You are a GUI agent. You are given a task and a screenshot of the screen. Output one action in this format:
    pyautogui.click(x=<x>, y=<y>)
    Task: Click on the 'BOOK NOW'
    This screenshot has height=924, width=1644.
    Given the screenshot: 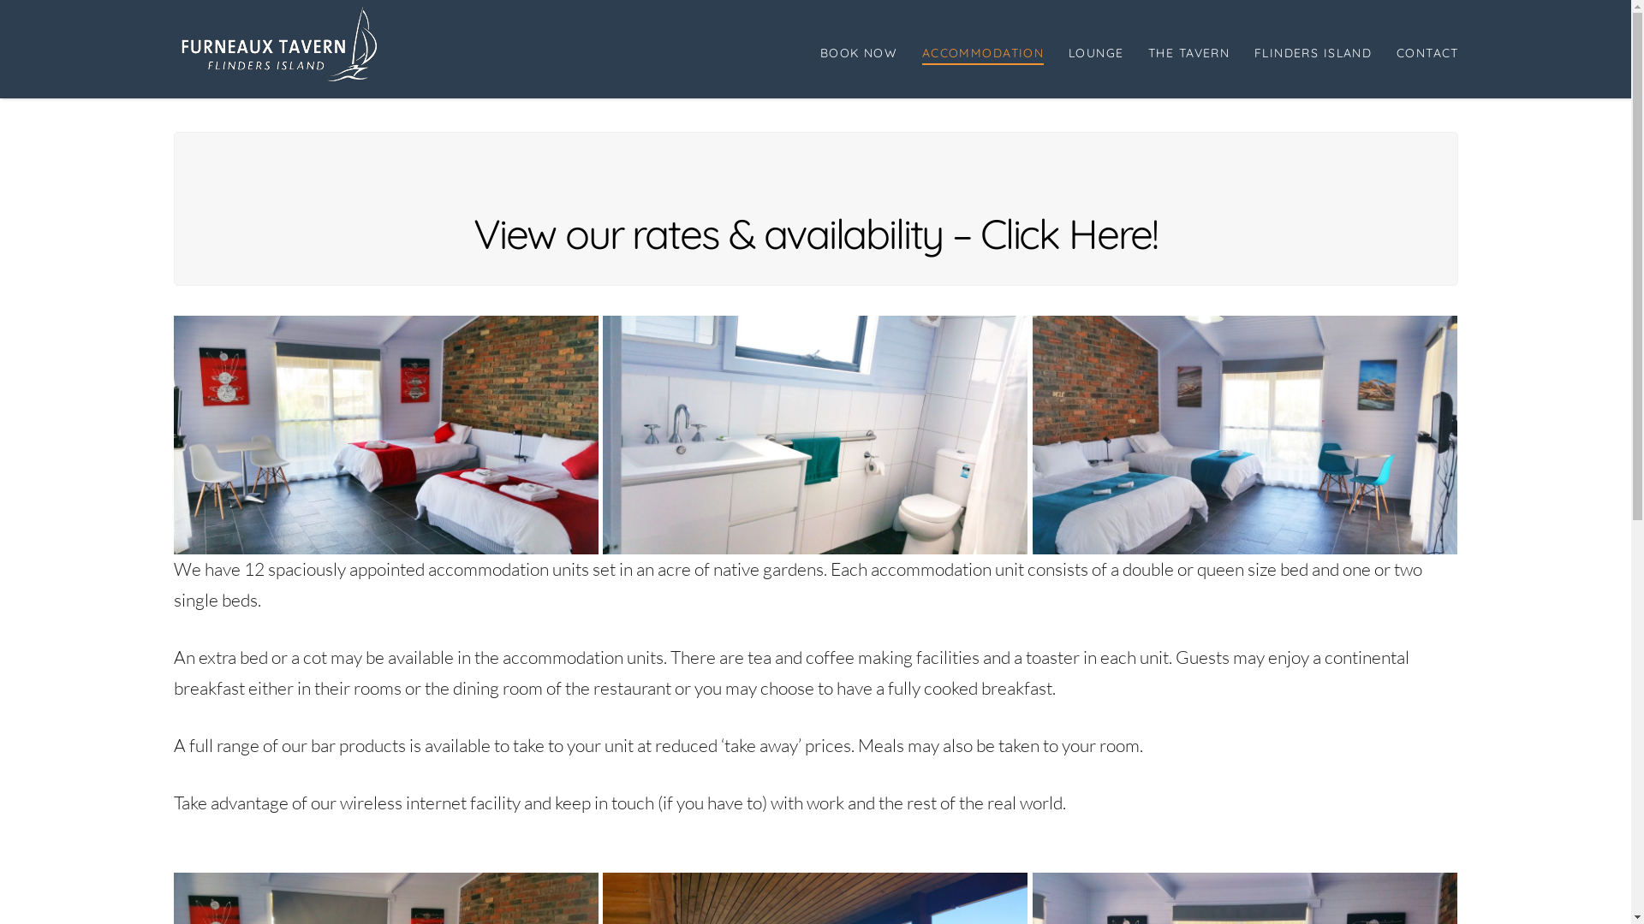 What is the action you would take?
    pyautogui.click(x=858, y=48)
    